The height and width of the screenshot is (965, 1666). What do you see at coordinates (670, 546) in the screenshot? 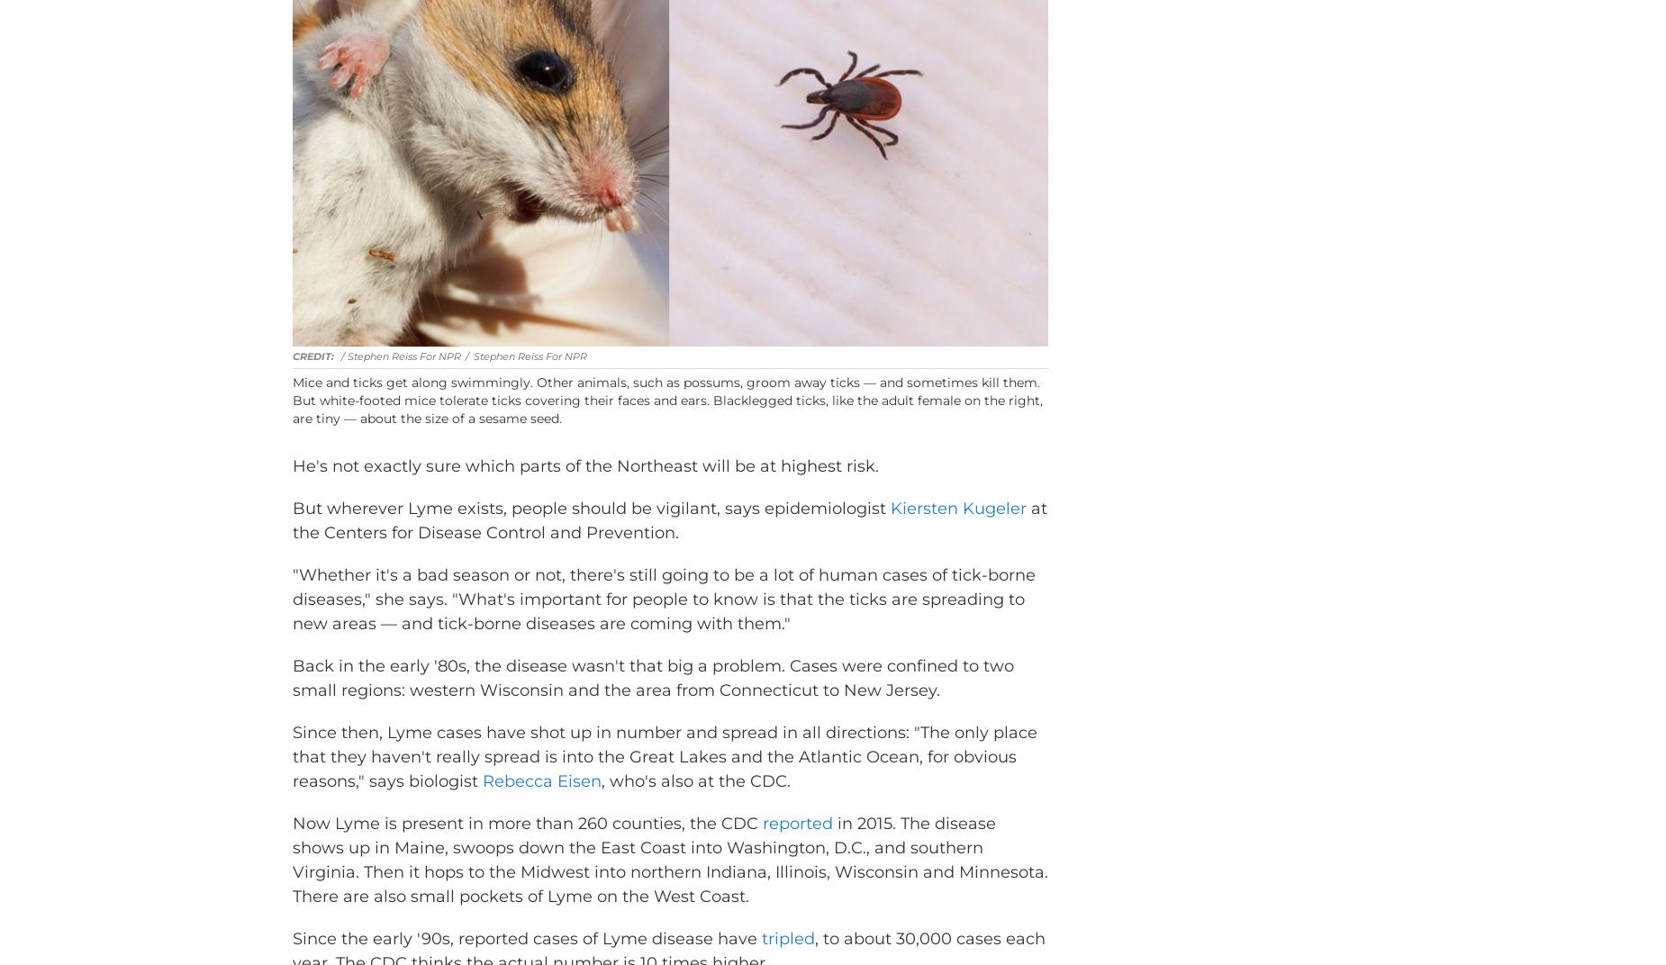
I see `'at the Centers for Disease Control and Prevention.'` at bounding box center [670, 546].